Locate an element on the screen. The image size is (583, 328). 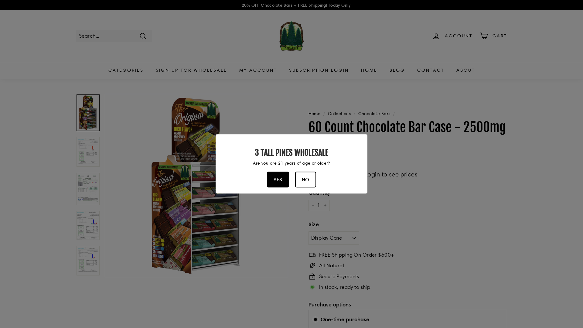
'CATEGORIES' is located at coordinates (102, 70).